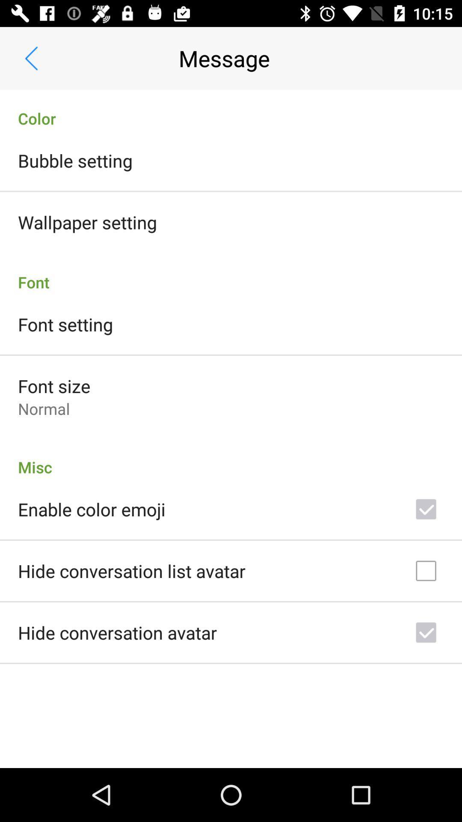 The image size is (462, 822). Describe the element at coordinates (31, 58) in the screenshot. I see `item to the left of the message app` at that location.